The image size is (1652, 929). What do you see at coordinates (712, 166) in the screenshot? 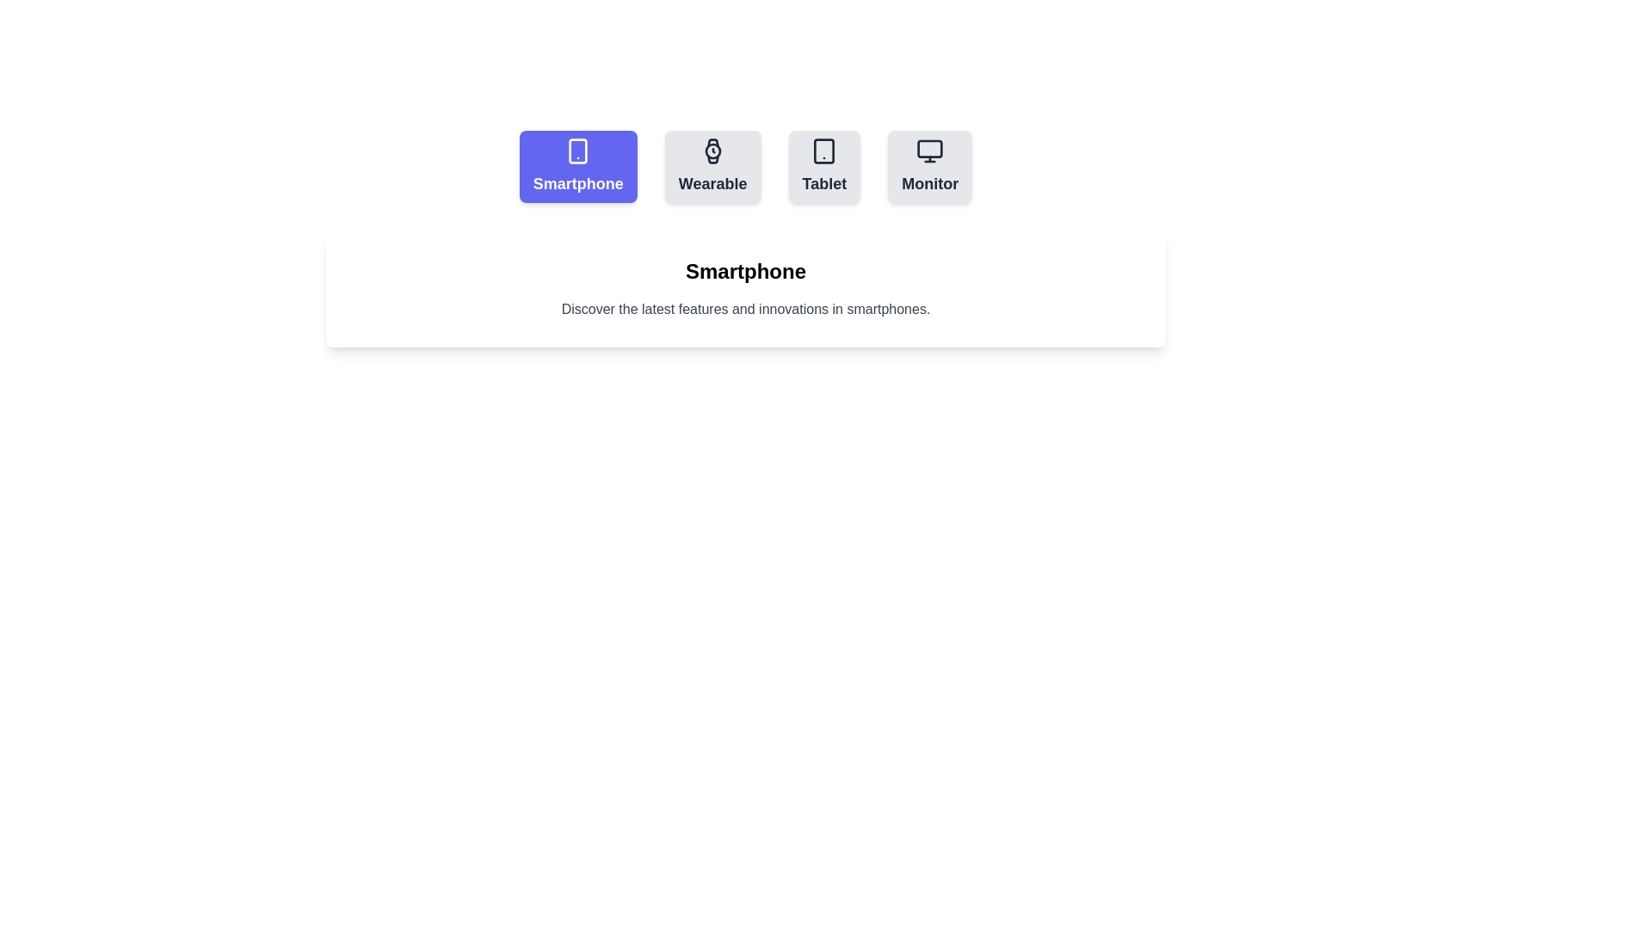
I see `the tab button corresponding to Wearable` at bounding box center [712, 166].